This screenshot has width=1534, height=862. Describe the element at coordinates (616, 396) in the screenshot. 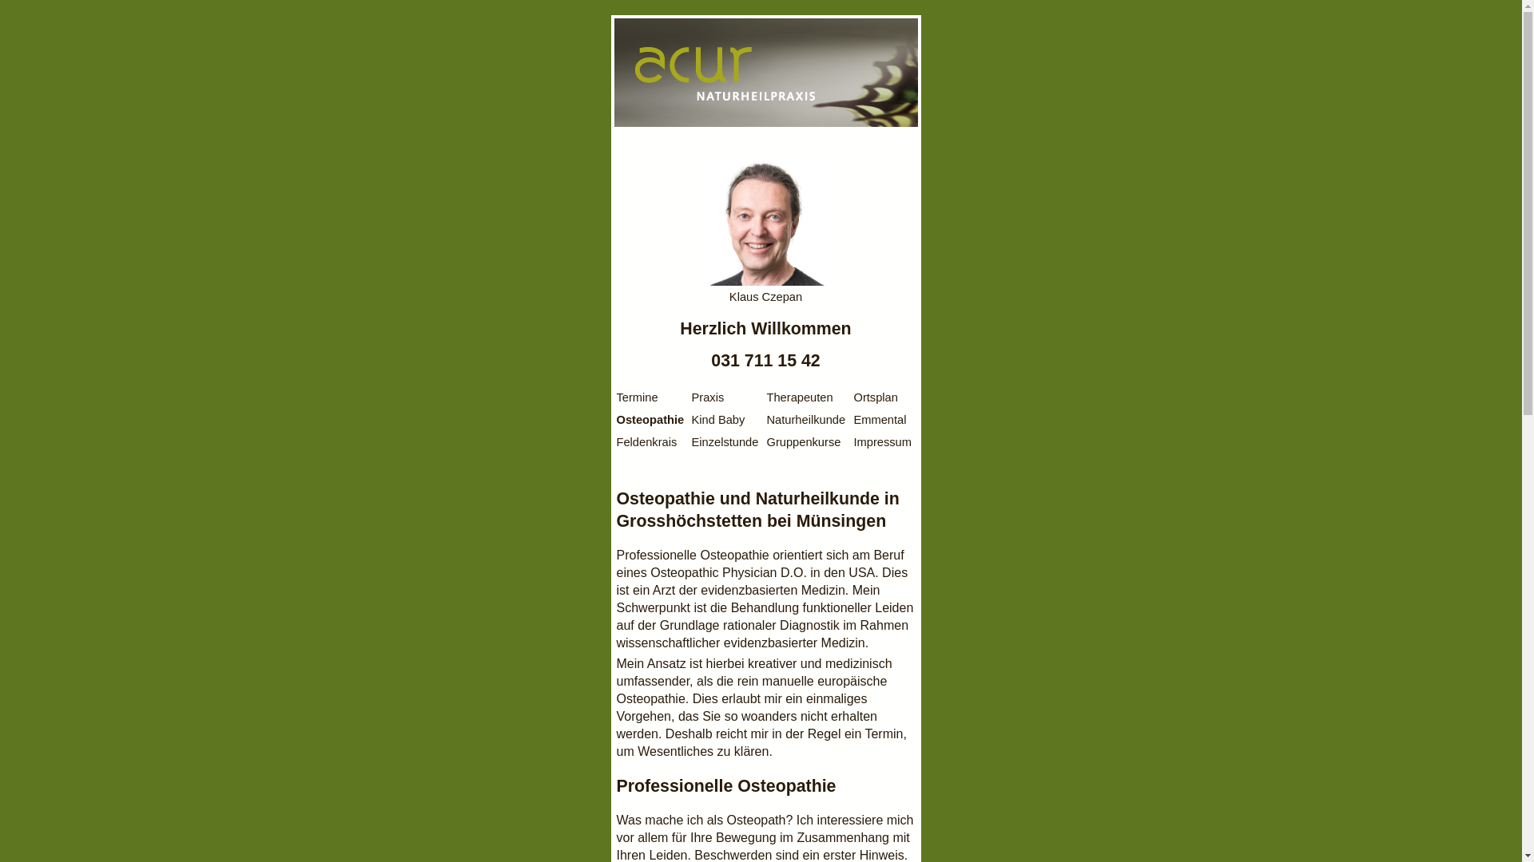

I see `'Termine'` at that location.